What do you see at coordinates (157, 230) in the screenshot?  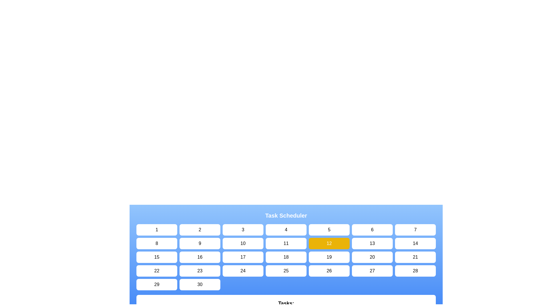 I see `the button displaying the digit '1' in a black font, located at the top-left corner of the grid` at bounding box center [157, 230].